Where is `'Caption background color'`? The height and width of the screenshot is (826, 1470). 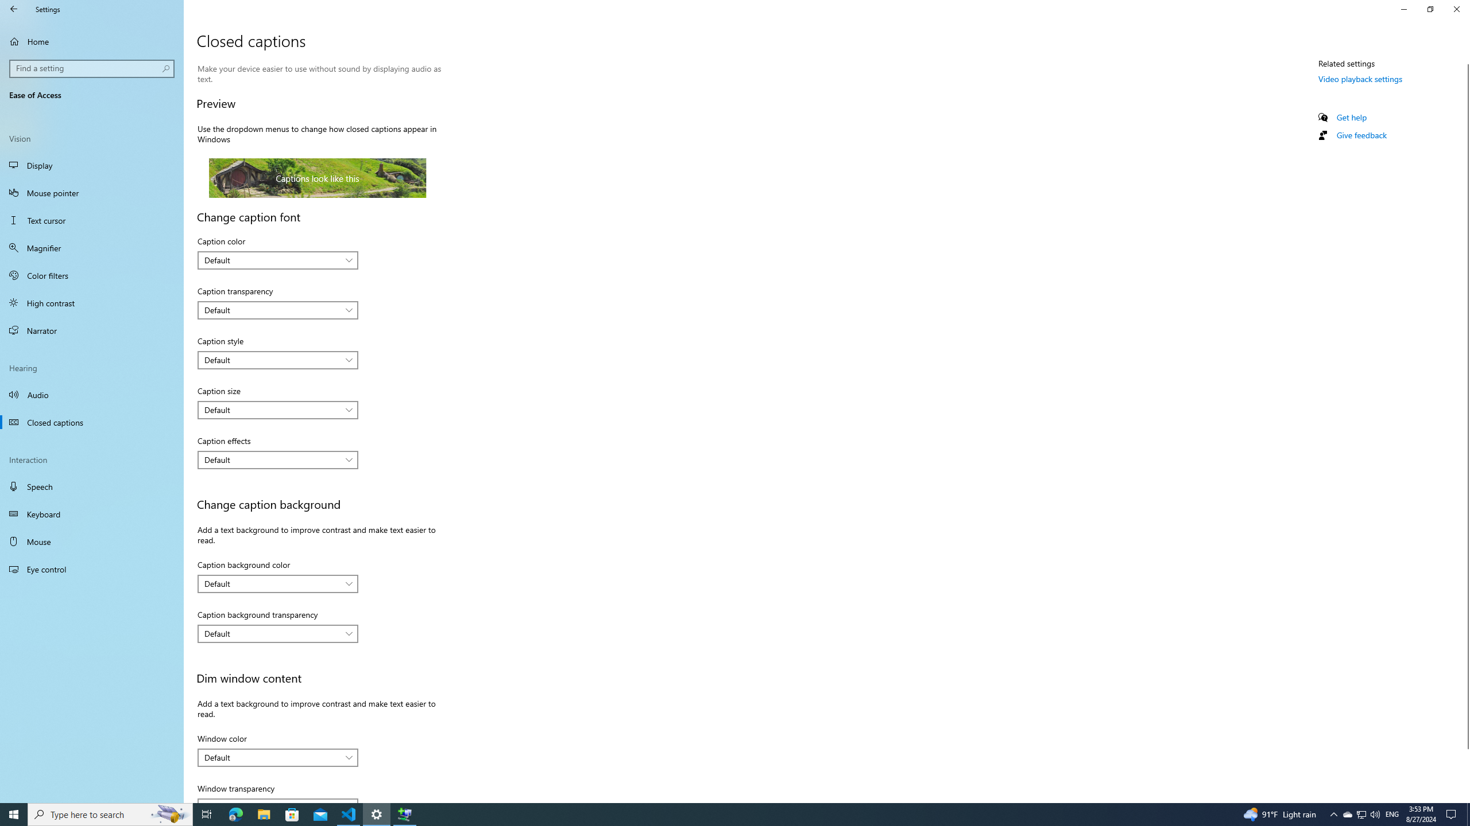
'Caption background color' is located at coordinates (277, 584).